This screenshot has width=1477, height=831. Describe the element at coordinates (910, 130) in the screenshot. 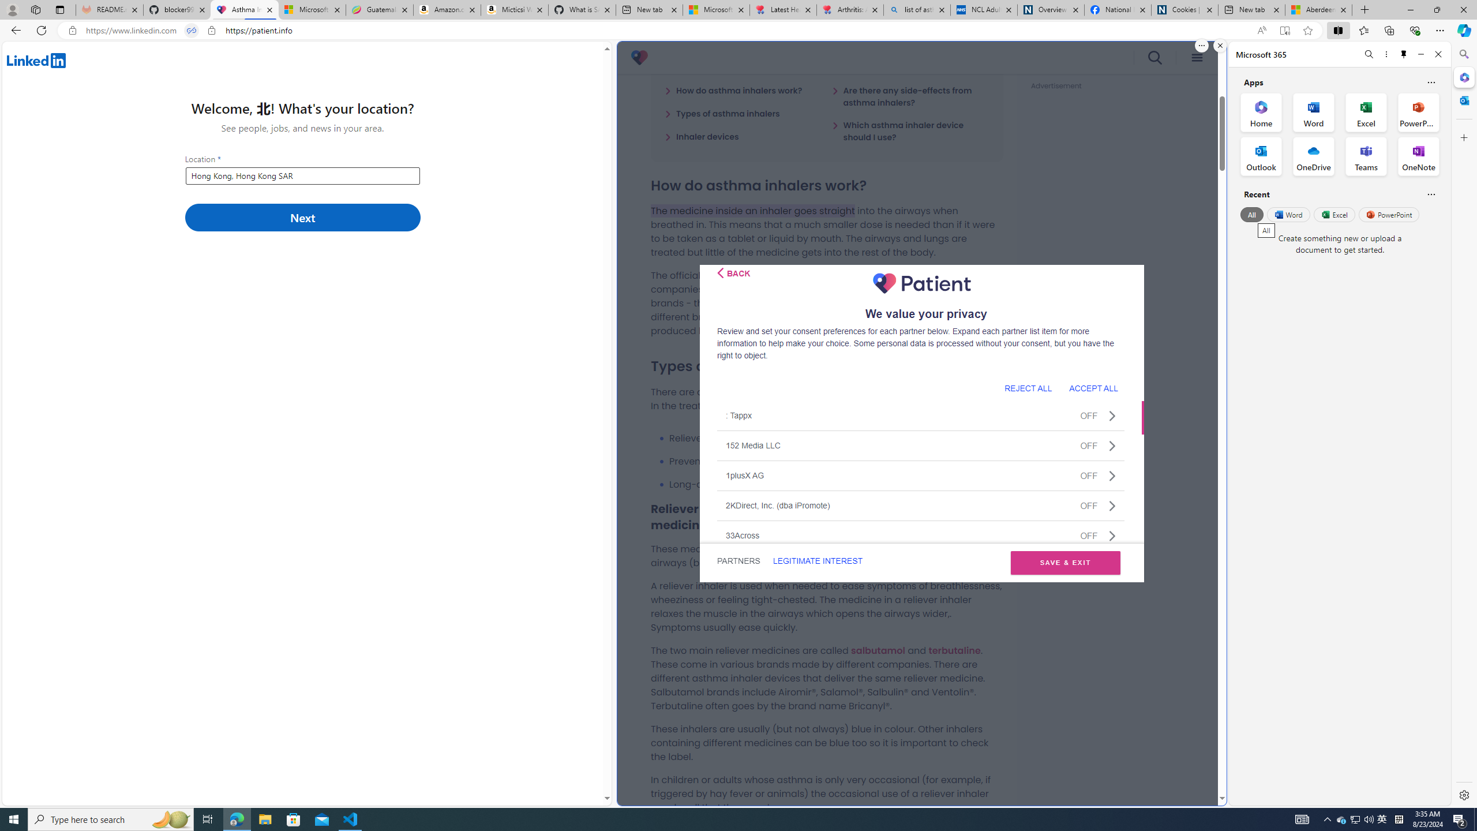

I see `'Which asthma inhaler device should I use?'` at that location.